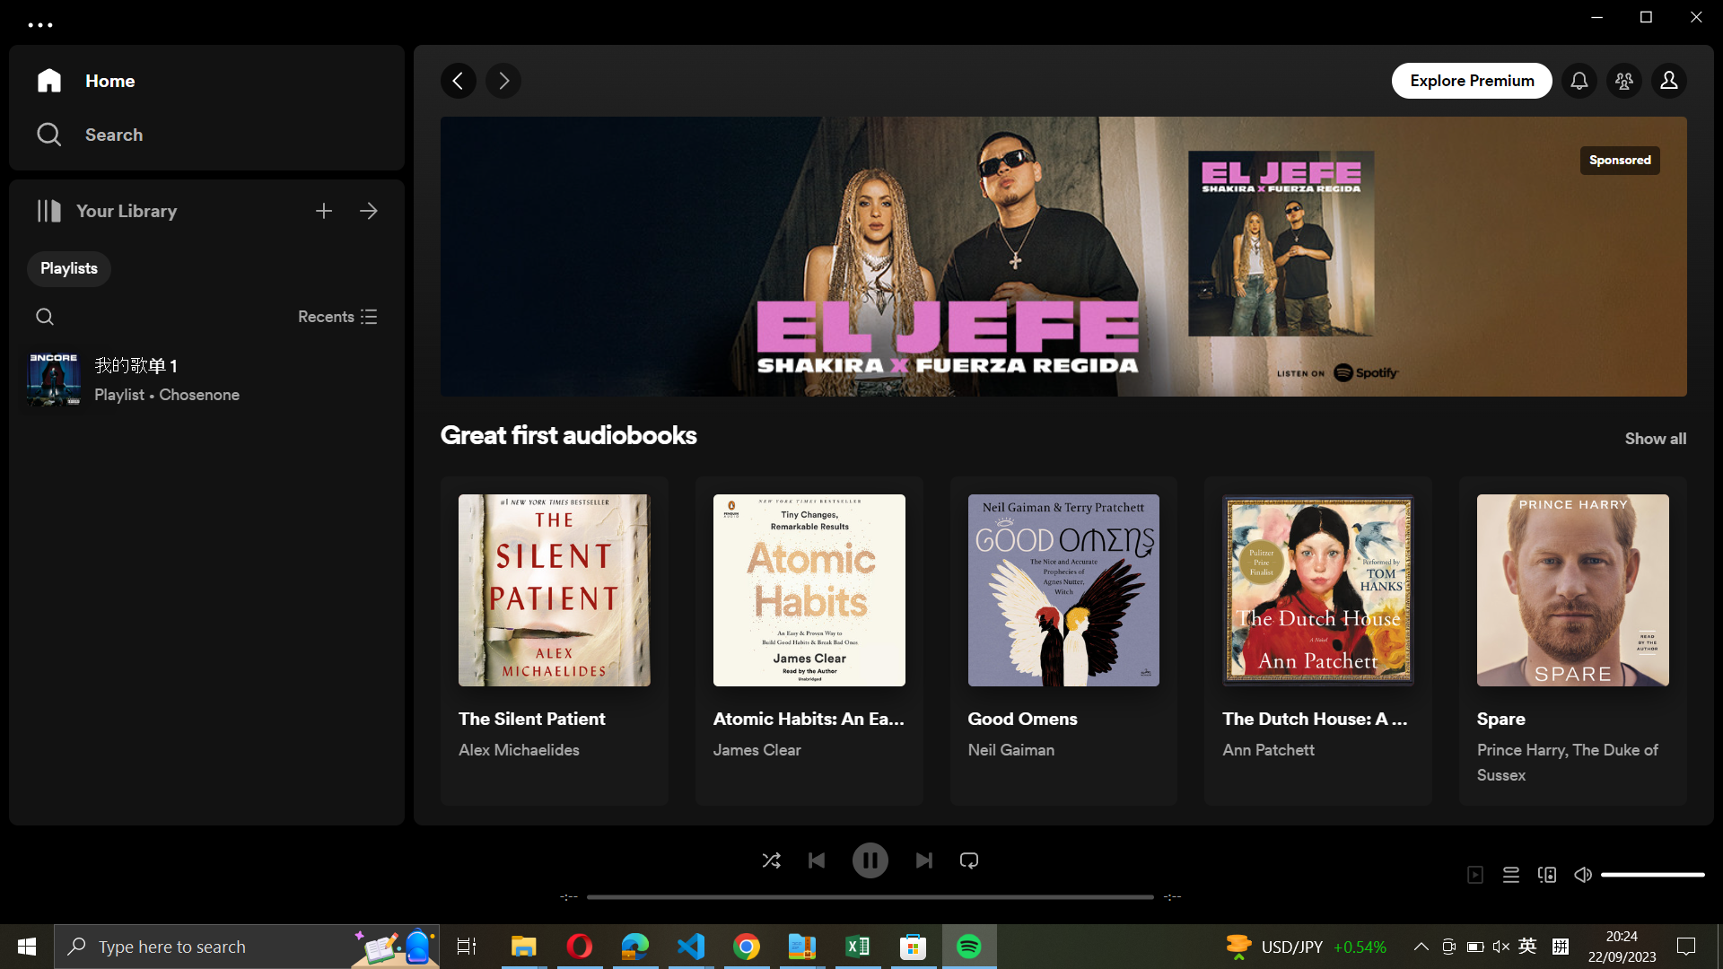  What do you see at coordinates (1474, 79) in the screenshot?
I see `the explore premium area` at bounding box center [1474, 79].